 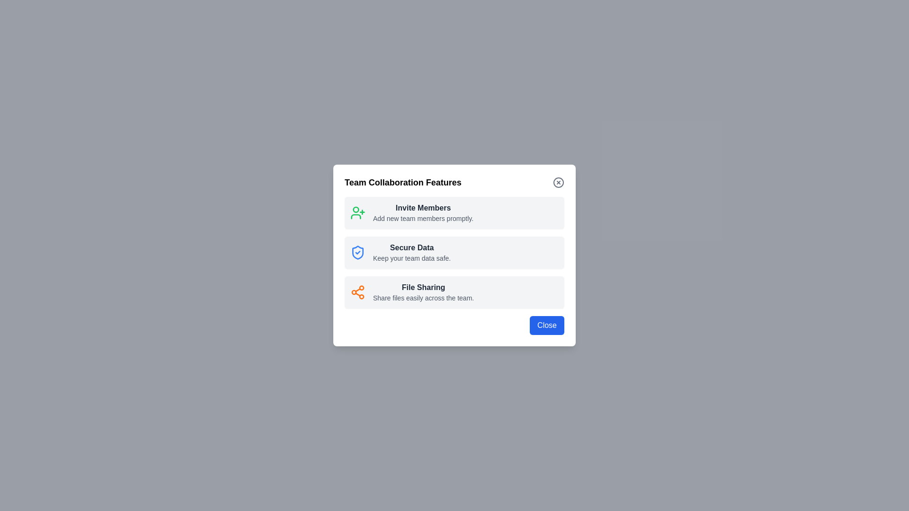 What do you see at coordinates (547, 325) in the screenshot?
I see `close button located at the bottom-right of the dialog` at bounding box center [547, 325].